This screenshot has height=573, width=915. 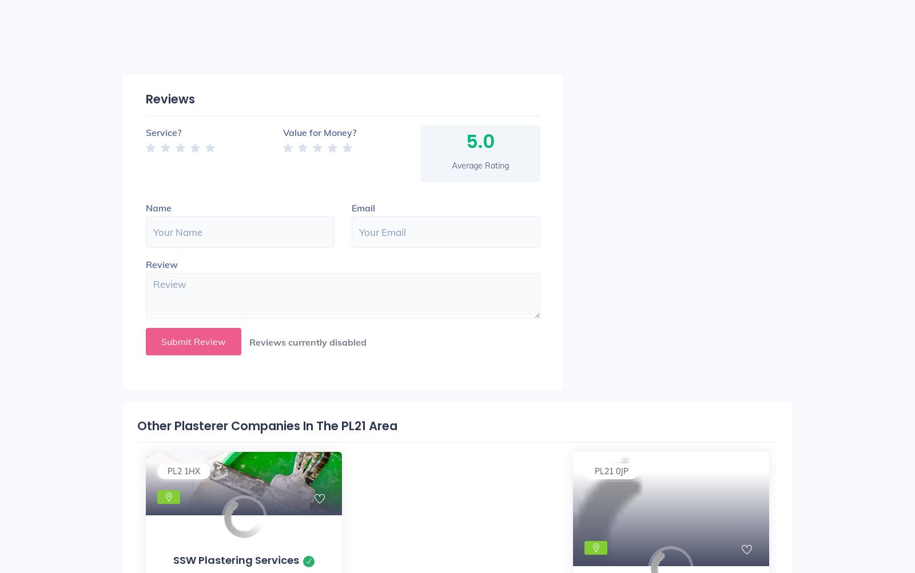 What do you see at coordinates (170, 98) in the screenshot?
I see `'Reviews'` at bounding box center [170, 98].